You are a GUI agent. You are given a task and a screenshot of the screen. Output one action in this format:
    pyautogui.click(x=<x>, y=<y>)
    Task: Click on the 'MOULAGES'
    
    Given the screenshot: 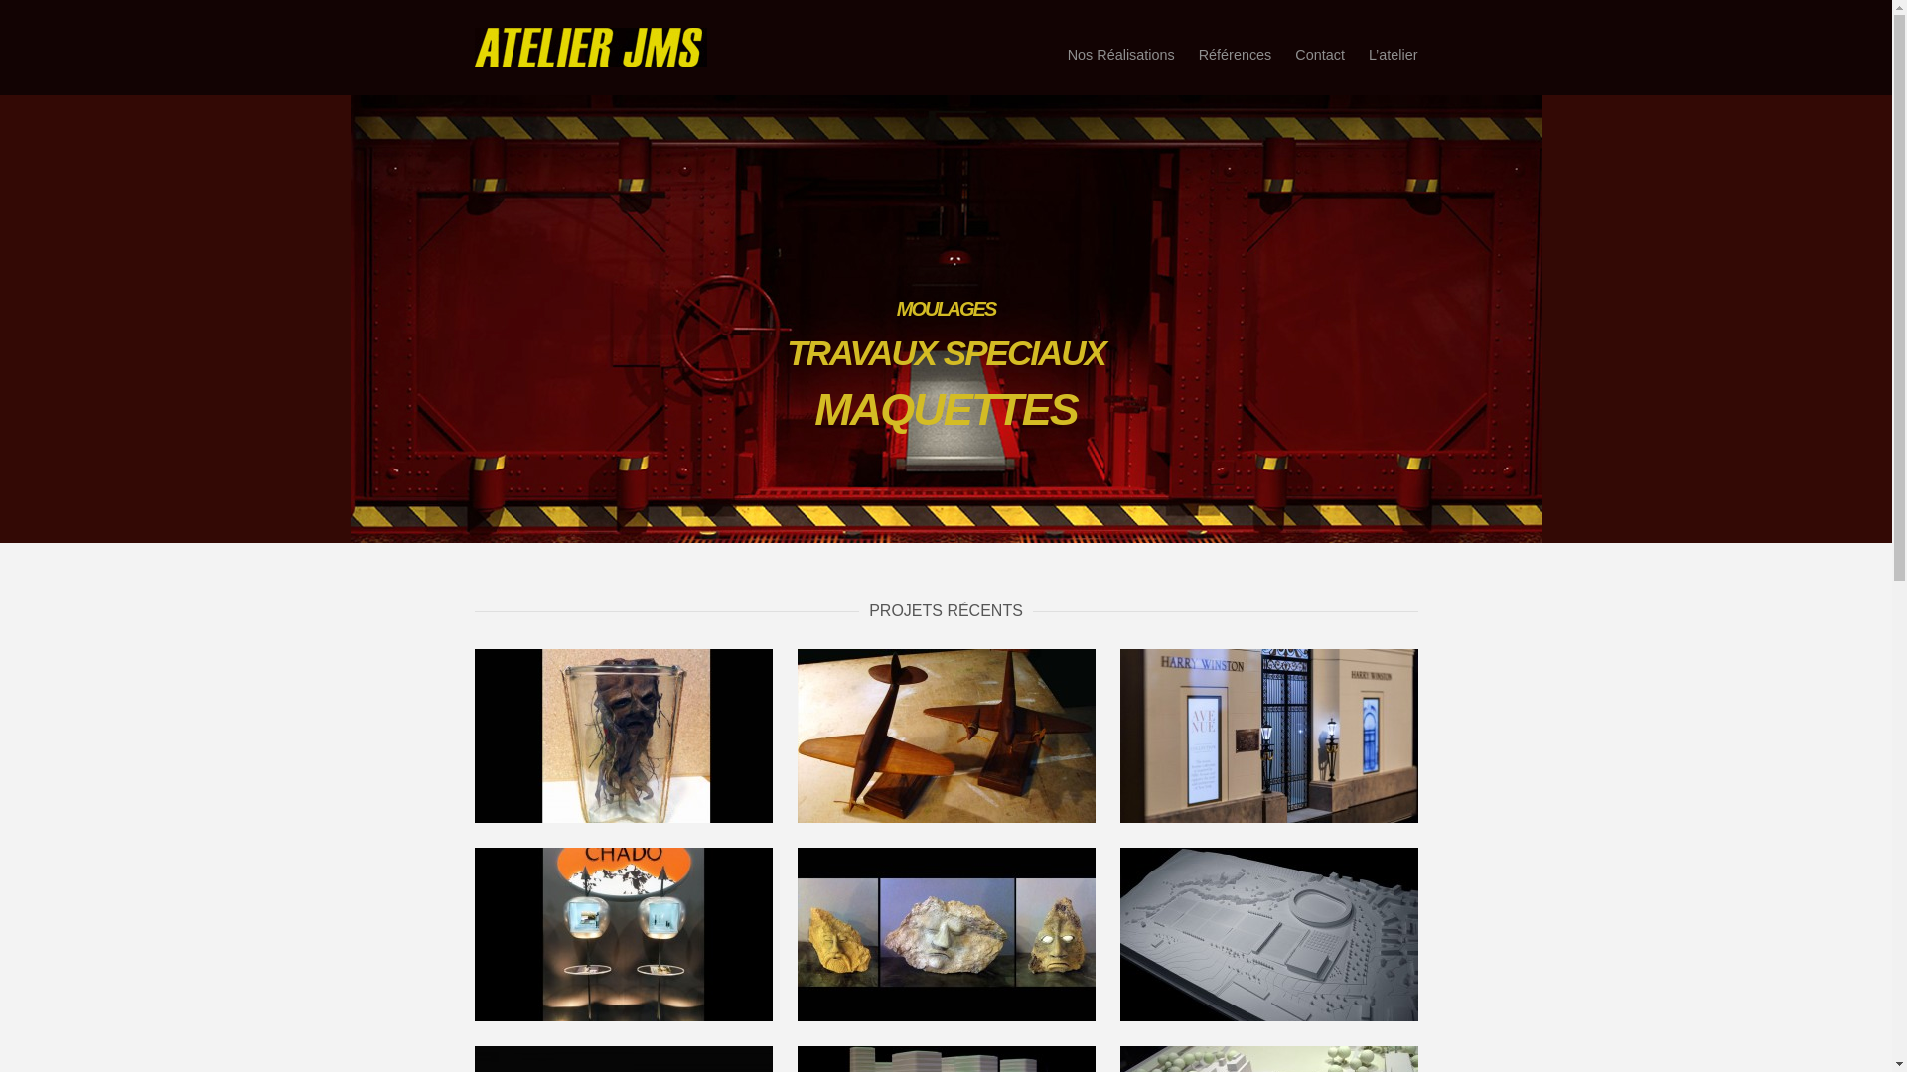 What is the action you would take?
    pyautogui.click(x=946, y=309)
    